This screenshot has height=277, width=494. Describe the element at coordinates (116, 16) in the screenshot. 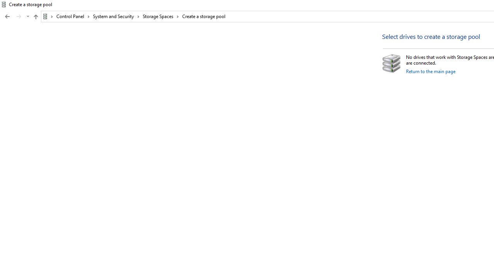

I see `'System and Security'` at that location.